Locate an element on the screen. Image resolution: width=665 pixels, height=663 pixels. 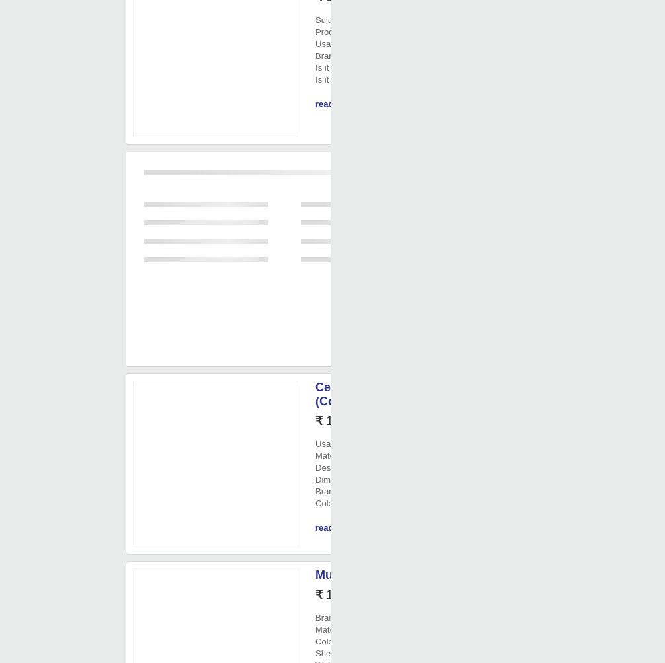
'Dimension' is located at coordinates (335, 479).